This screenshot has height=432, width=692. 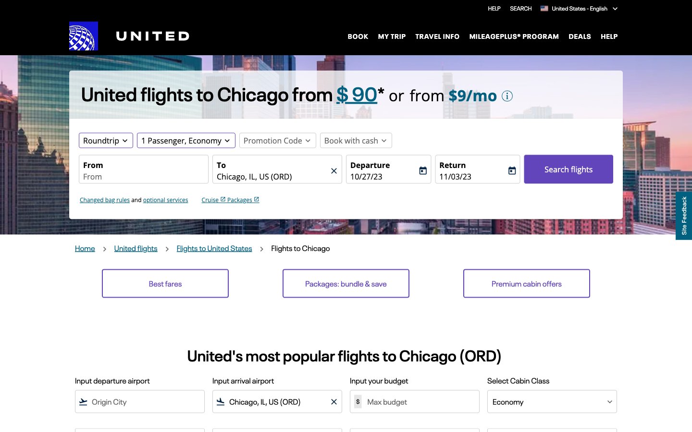 I want to click on Alter the initial location to Taipei and set the ultimate destination as United States, so click(x=143, y=177).